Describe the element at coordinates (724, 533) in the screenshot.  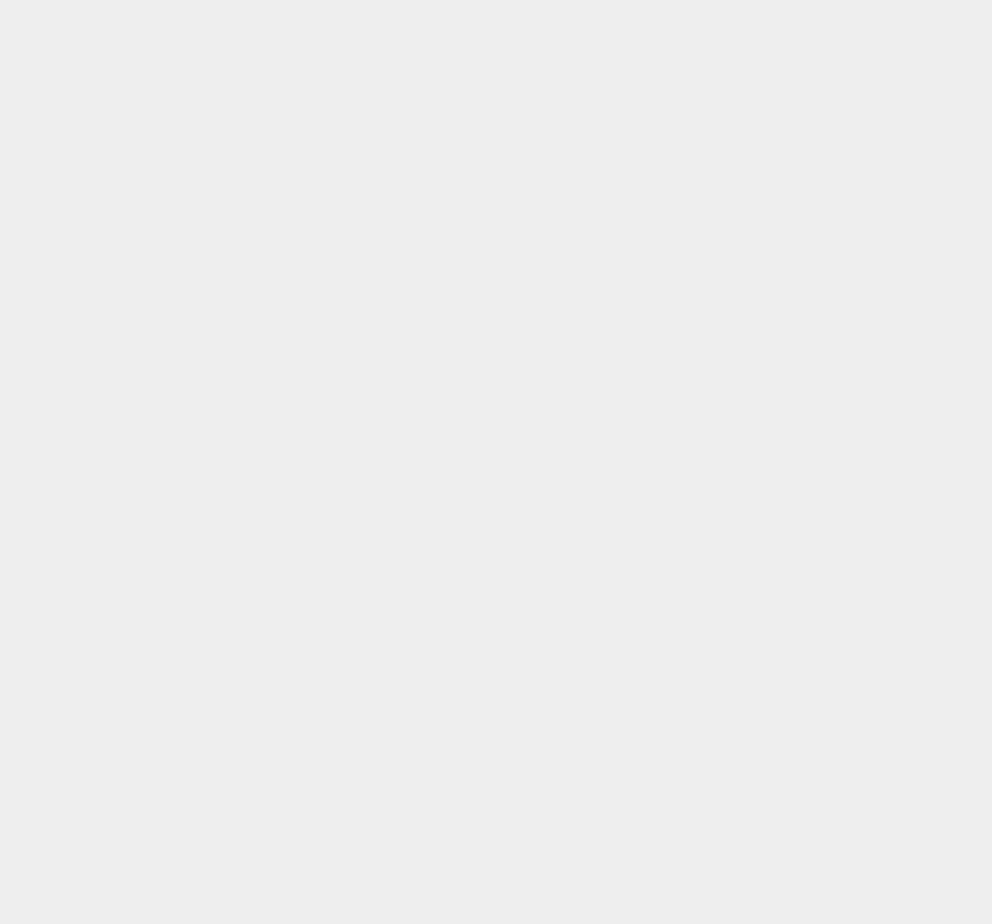
I see `'iOS 7.0.4'` at that location.